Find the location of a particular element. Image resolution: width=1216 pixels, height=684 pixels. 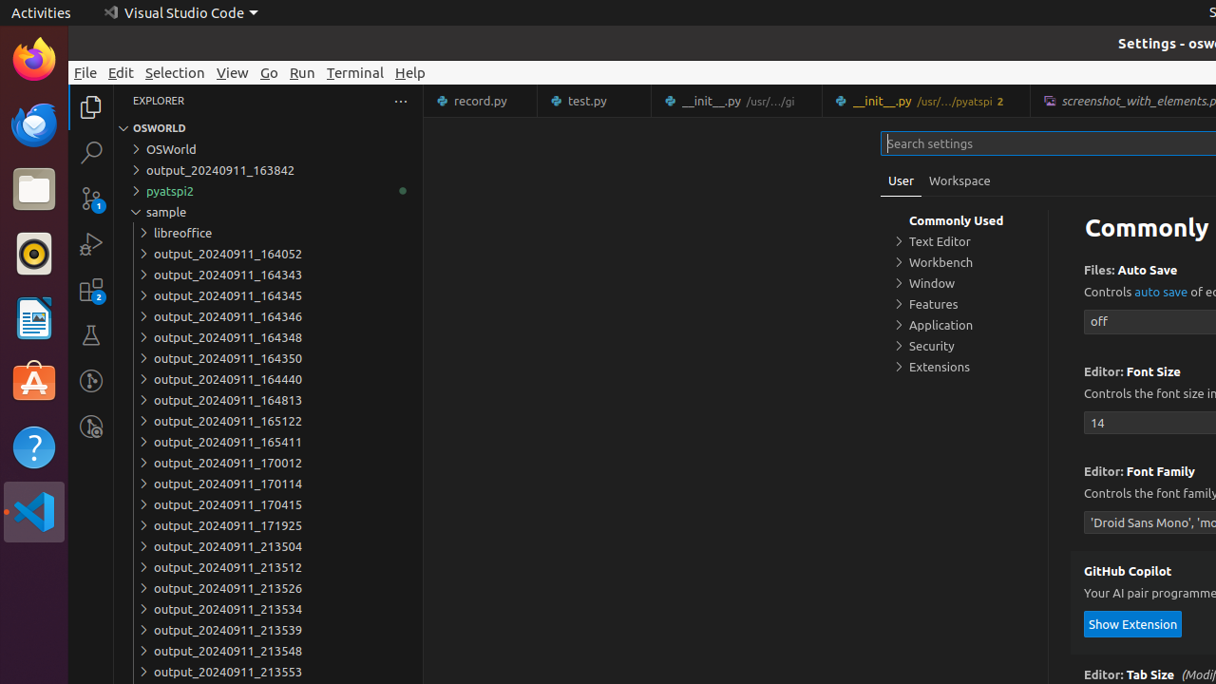

'output_20240911_164345' is located at coordinates (267, 294).